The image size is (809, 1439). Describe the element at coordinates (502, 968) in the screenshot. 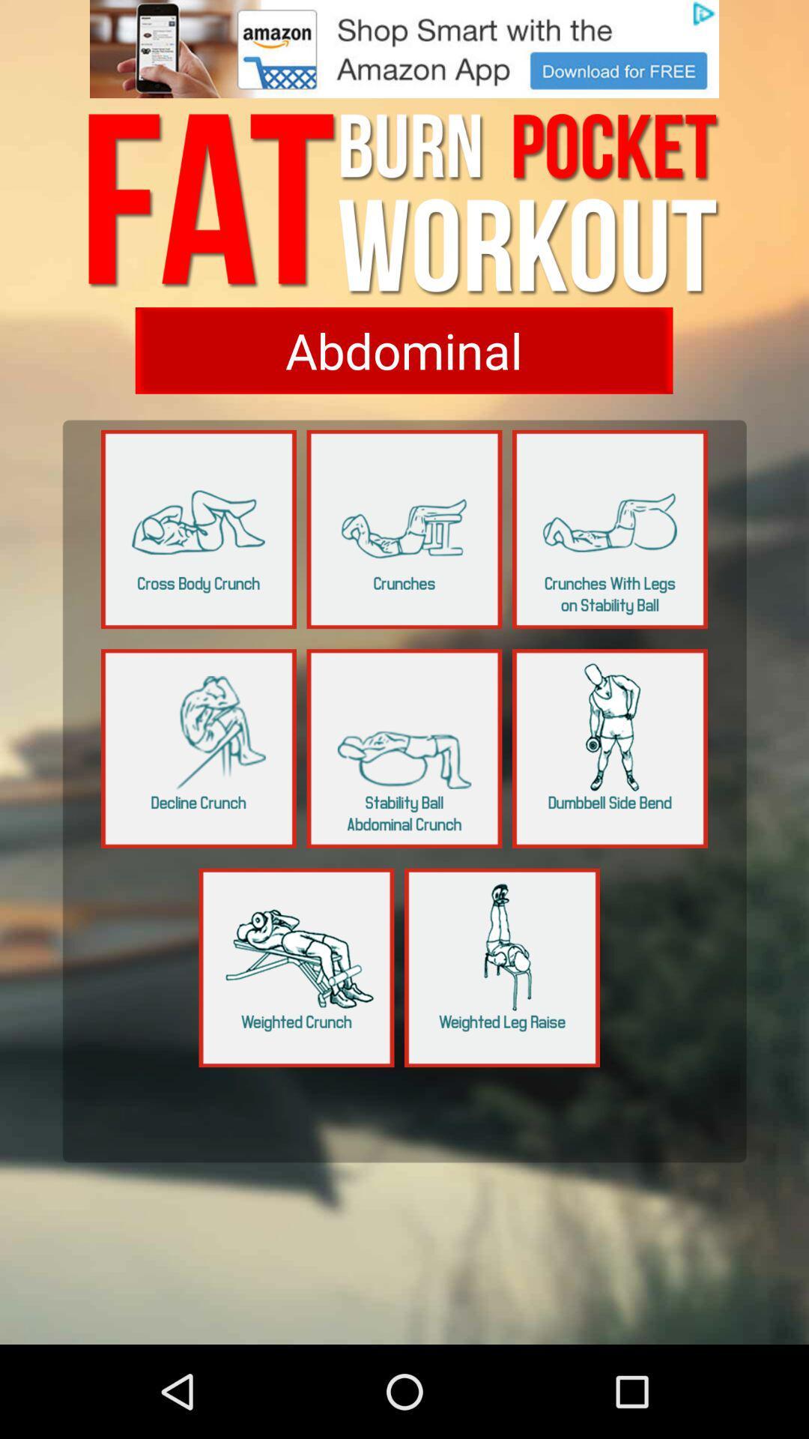

I see `weighted leg raise option` at that location.